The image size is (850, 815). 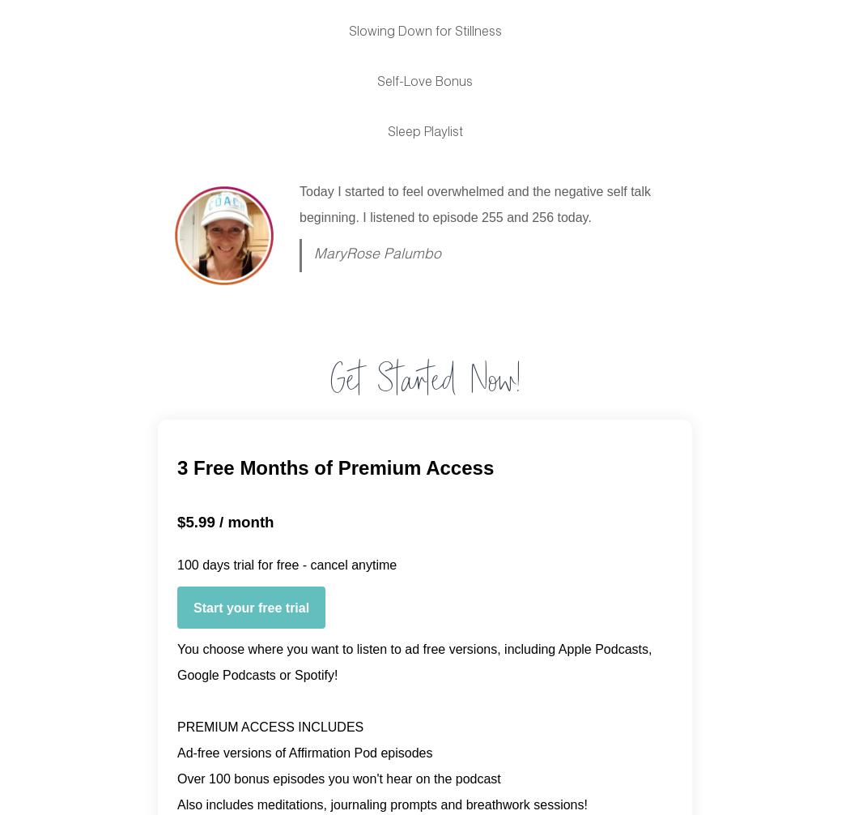 I want to click on 'Self-Love Bonus', so click(x=425, y=83).